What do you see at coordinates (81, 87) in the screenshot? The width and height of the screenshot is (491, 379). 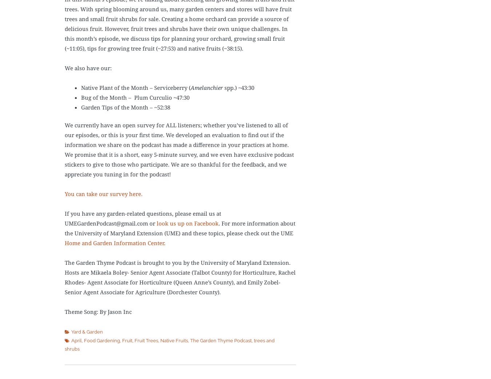 I see `'Native Plant of the Month – Serviceberry ('` at bounding box center [81, 87].